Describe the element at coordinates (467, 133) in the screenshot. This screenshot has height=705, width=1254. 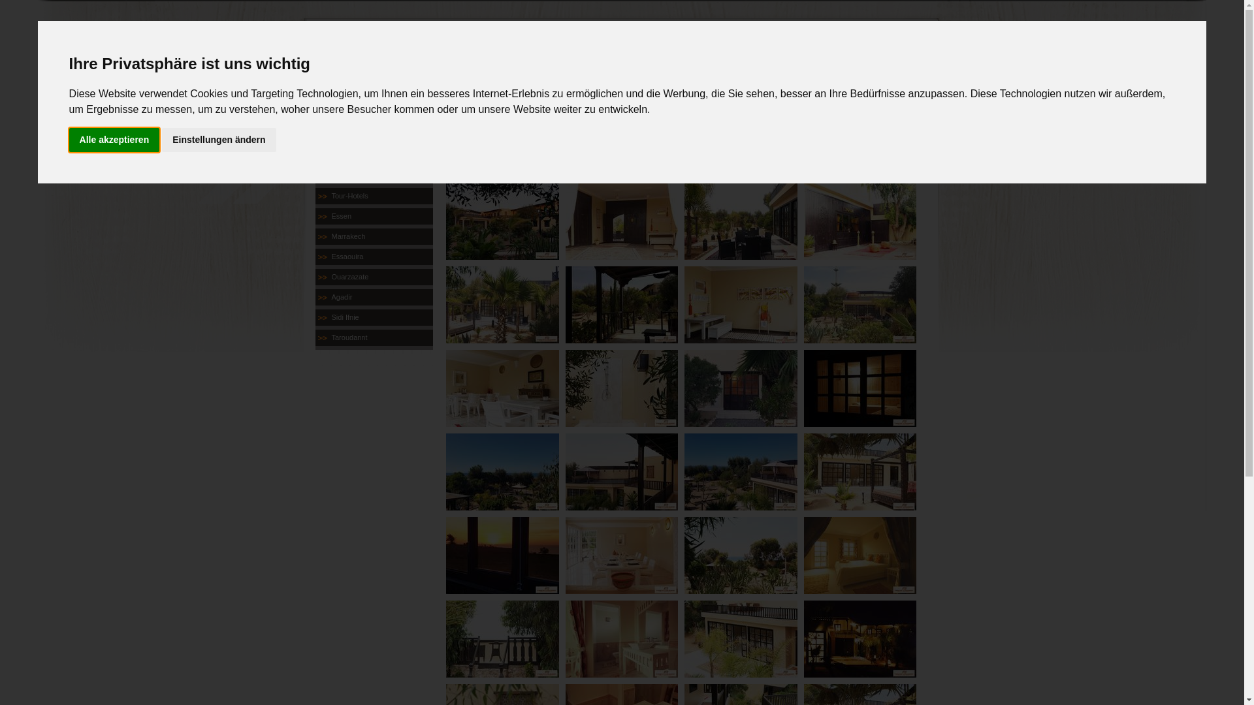
I see `'TOUR-ANGEBOTE'` at that location.